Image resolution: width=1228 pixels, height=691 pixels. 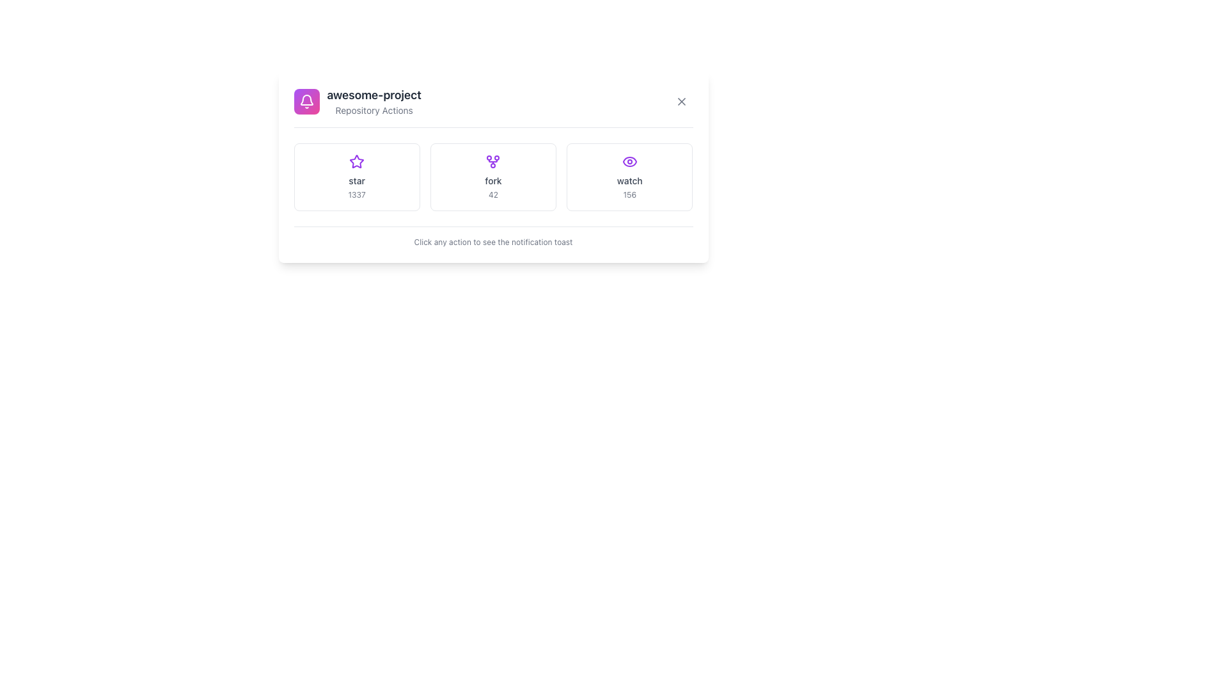 What do you see at coordinates (357, 195) in the screenshot?
I see `the text label displaying the count related to the 'star' feature, located beneath the 'star' label within the first bordered box at the center of the interface` at bounding box center [357, 195].